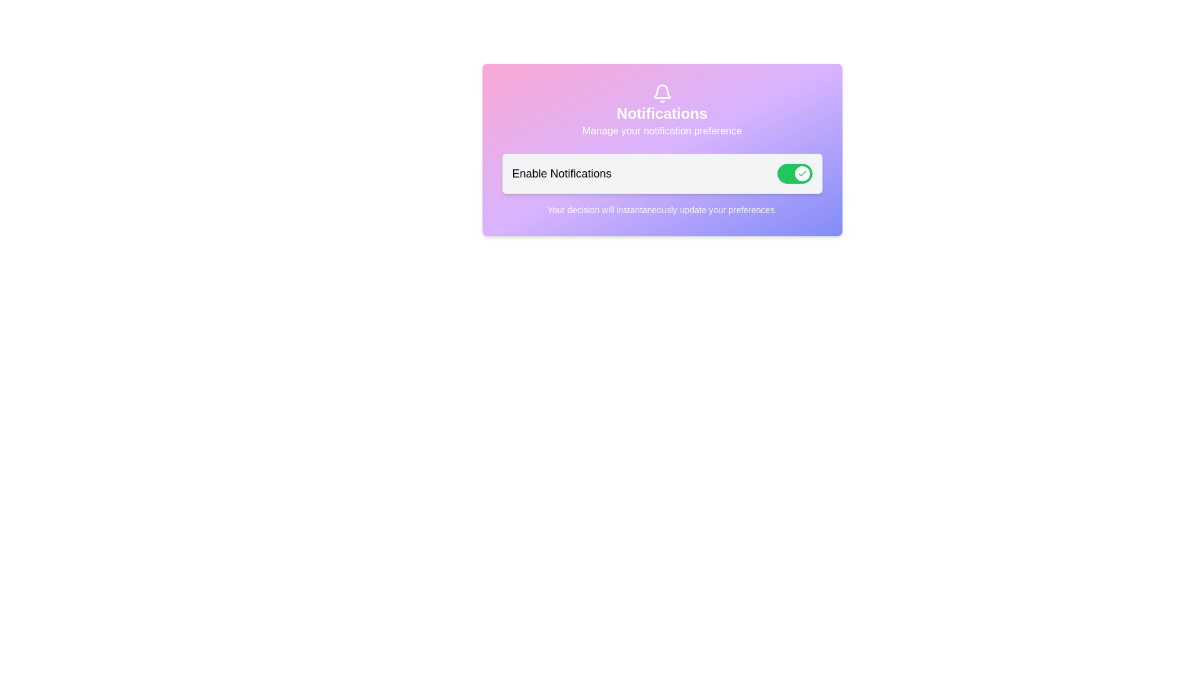  I want to click on the active green toggle switch, which features a white circular knob with a green check mark icon, to change its state, so click(794, 173).